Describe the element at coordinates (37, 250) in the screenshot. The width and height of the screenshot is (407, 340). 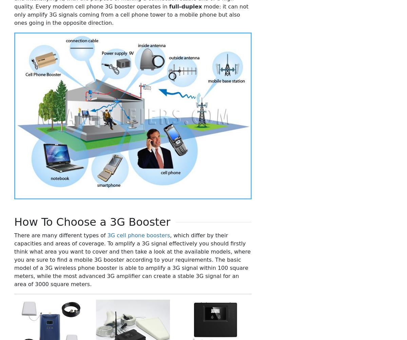
I see `'China - English'` at that location.